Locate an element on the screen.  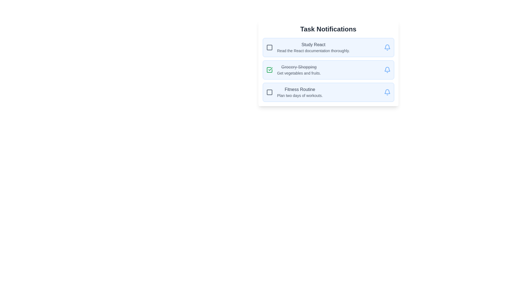
the bell icon located on the far right of the 'Grocery Shopping' entry is located at coordinates (387, 69).